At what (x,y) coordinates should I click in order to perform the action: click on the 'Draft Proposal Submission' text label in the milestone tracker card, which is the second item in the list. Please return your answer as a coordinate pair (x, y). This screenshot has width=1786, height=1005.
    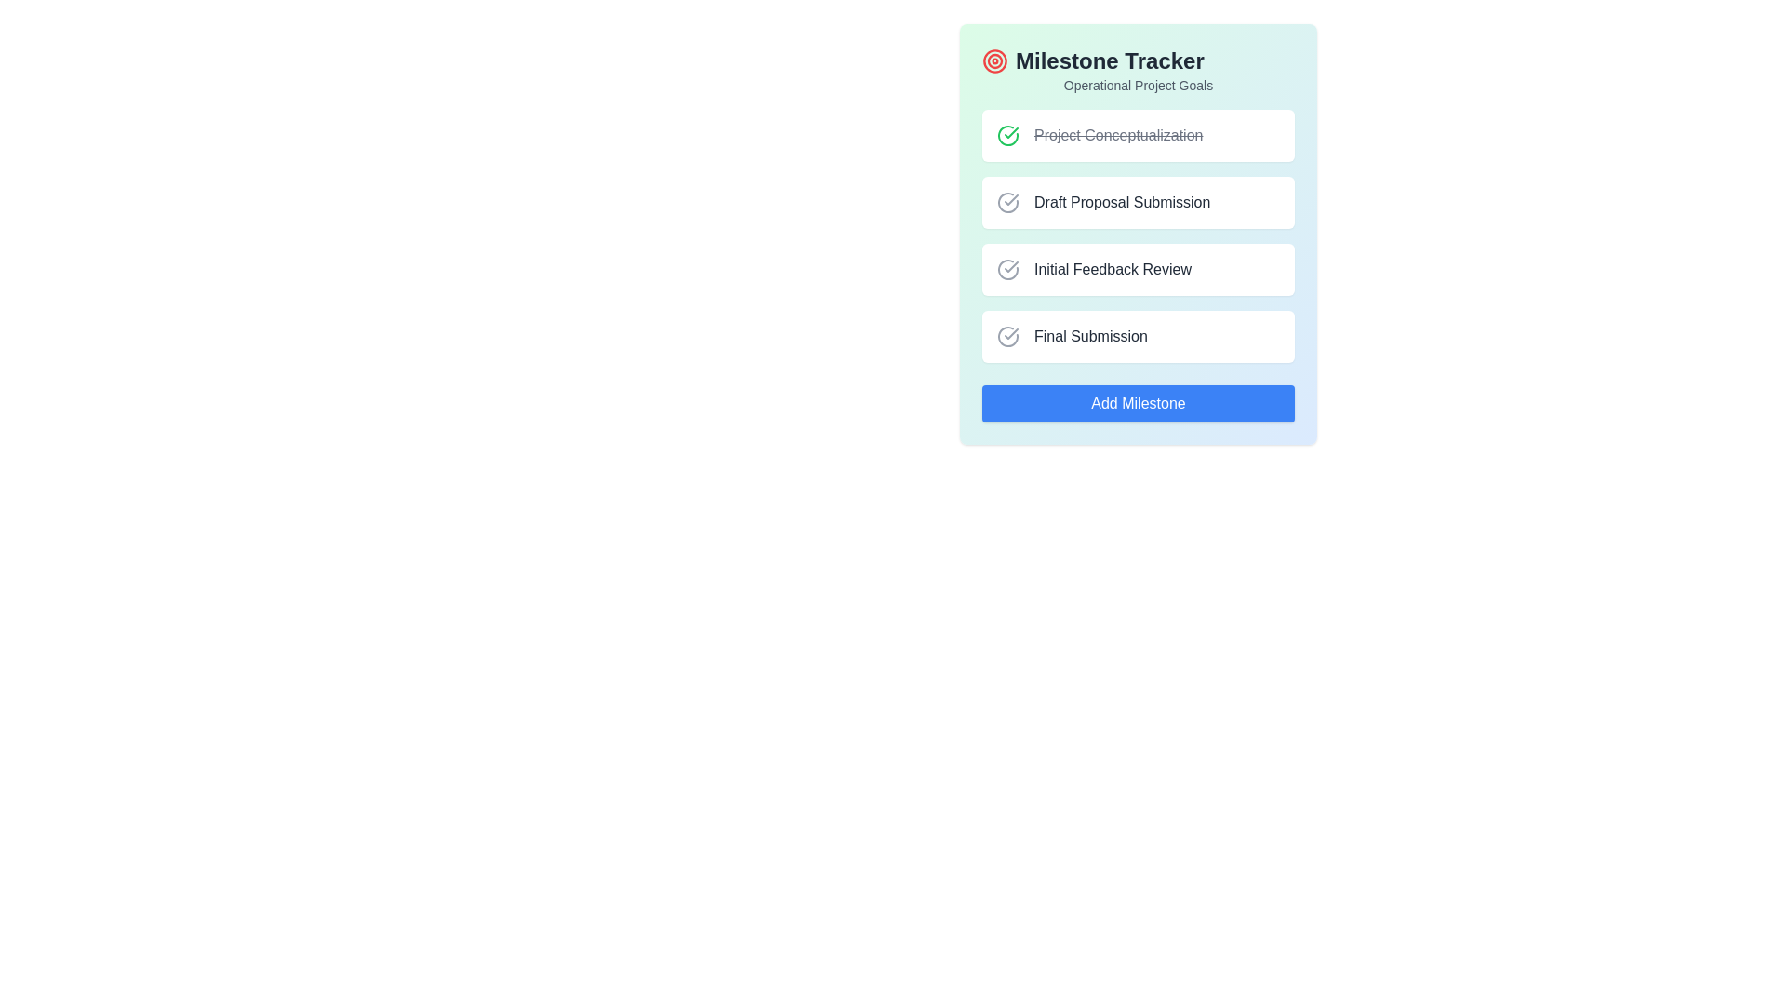
    Looking at the image, I should click on (1121, 203).